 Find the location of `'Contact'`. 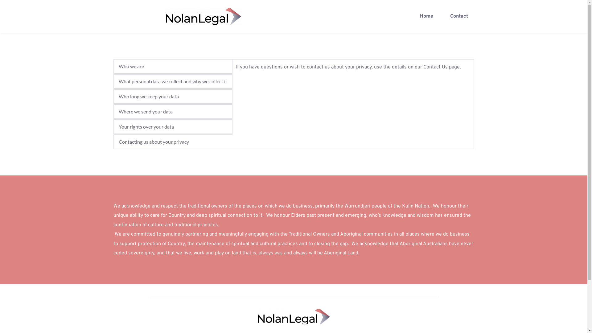

'Contact' is located at coordinates (459, 16).